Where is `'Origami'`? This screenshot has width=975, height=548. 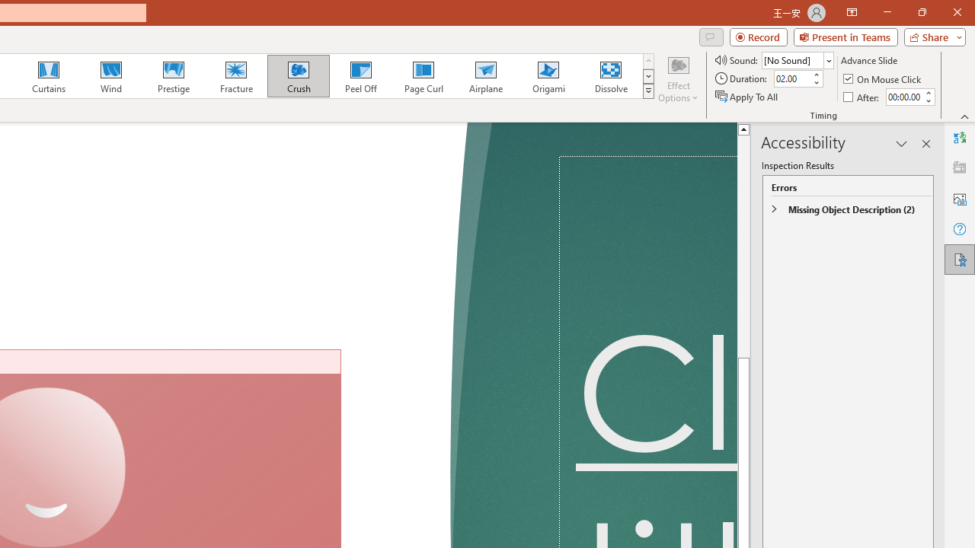 'Origami' is located at coordinates (548, 76).